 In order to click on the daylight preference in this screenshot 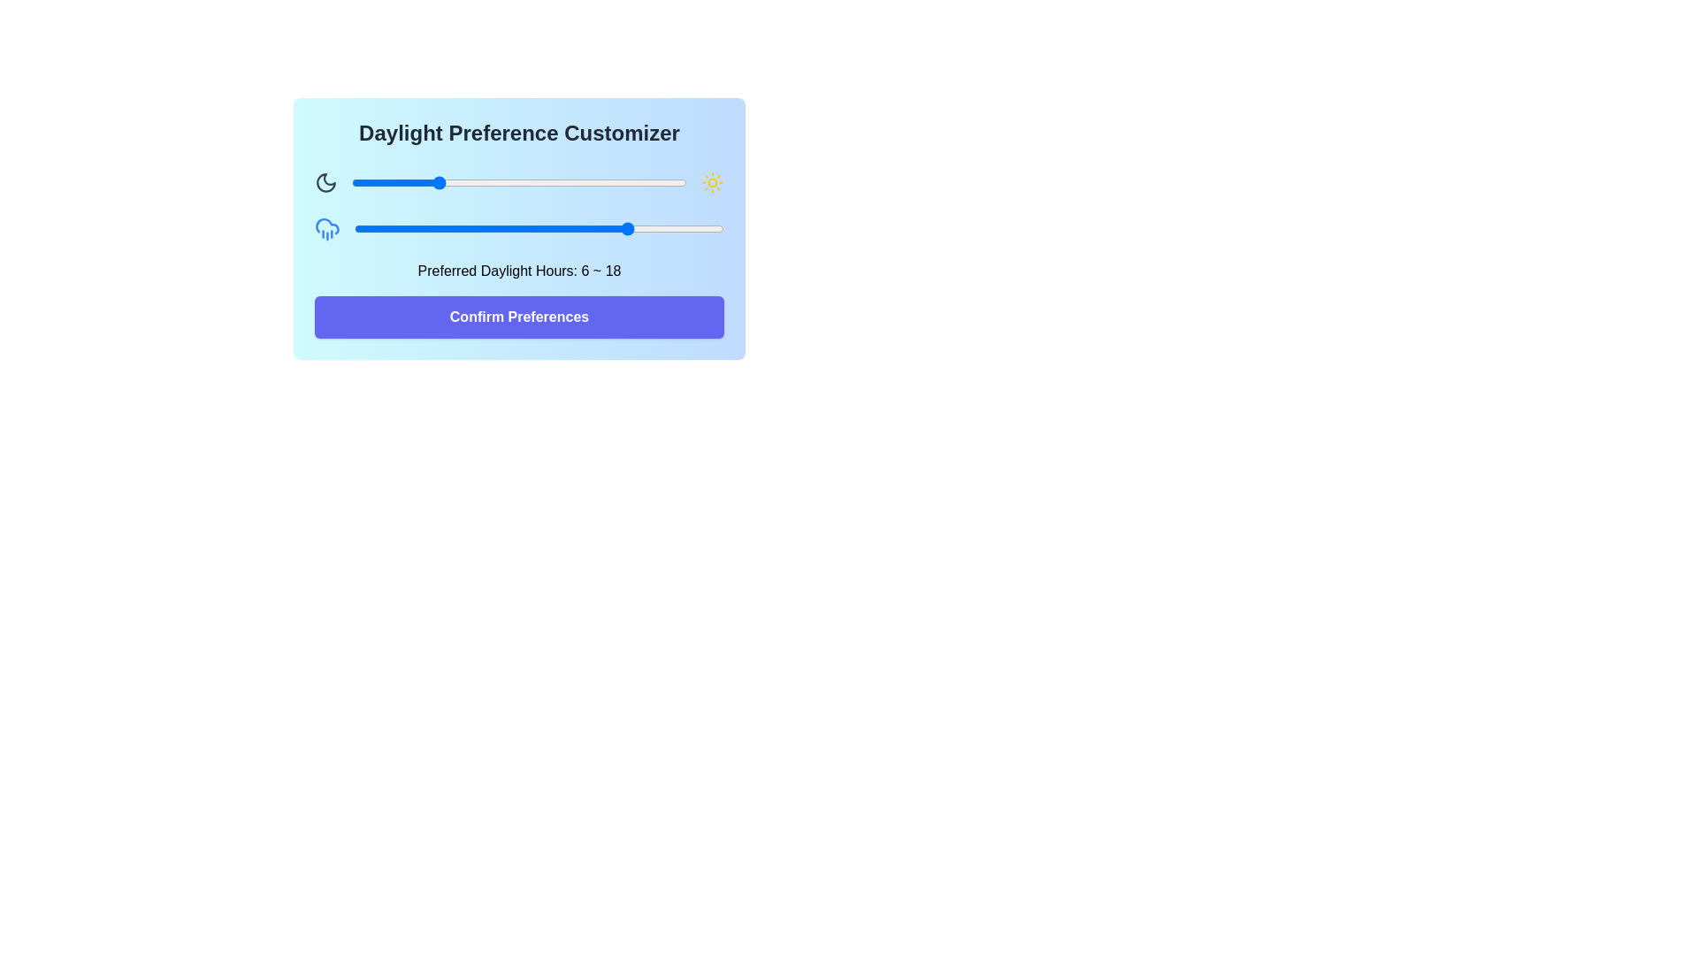, I will do `click(352, 183)`.